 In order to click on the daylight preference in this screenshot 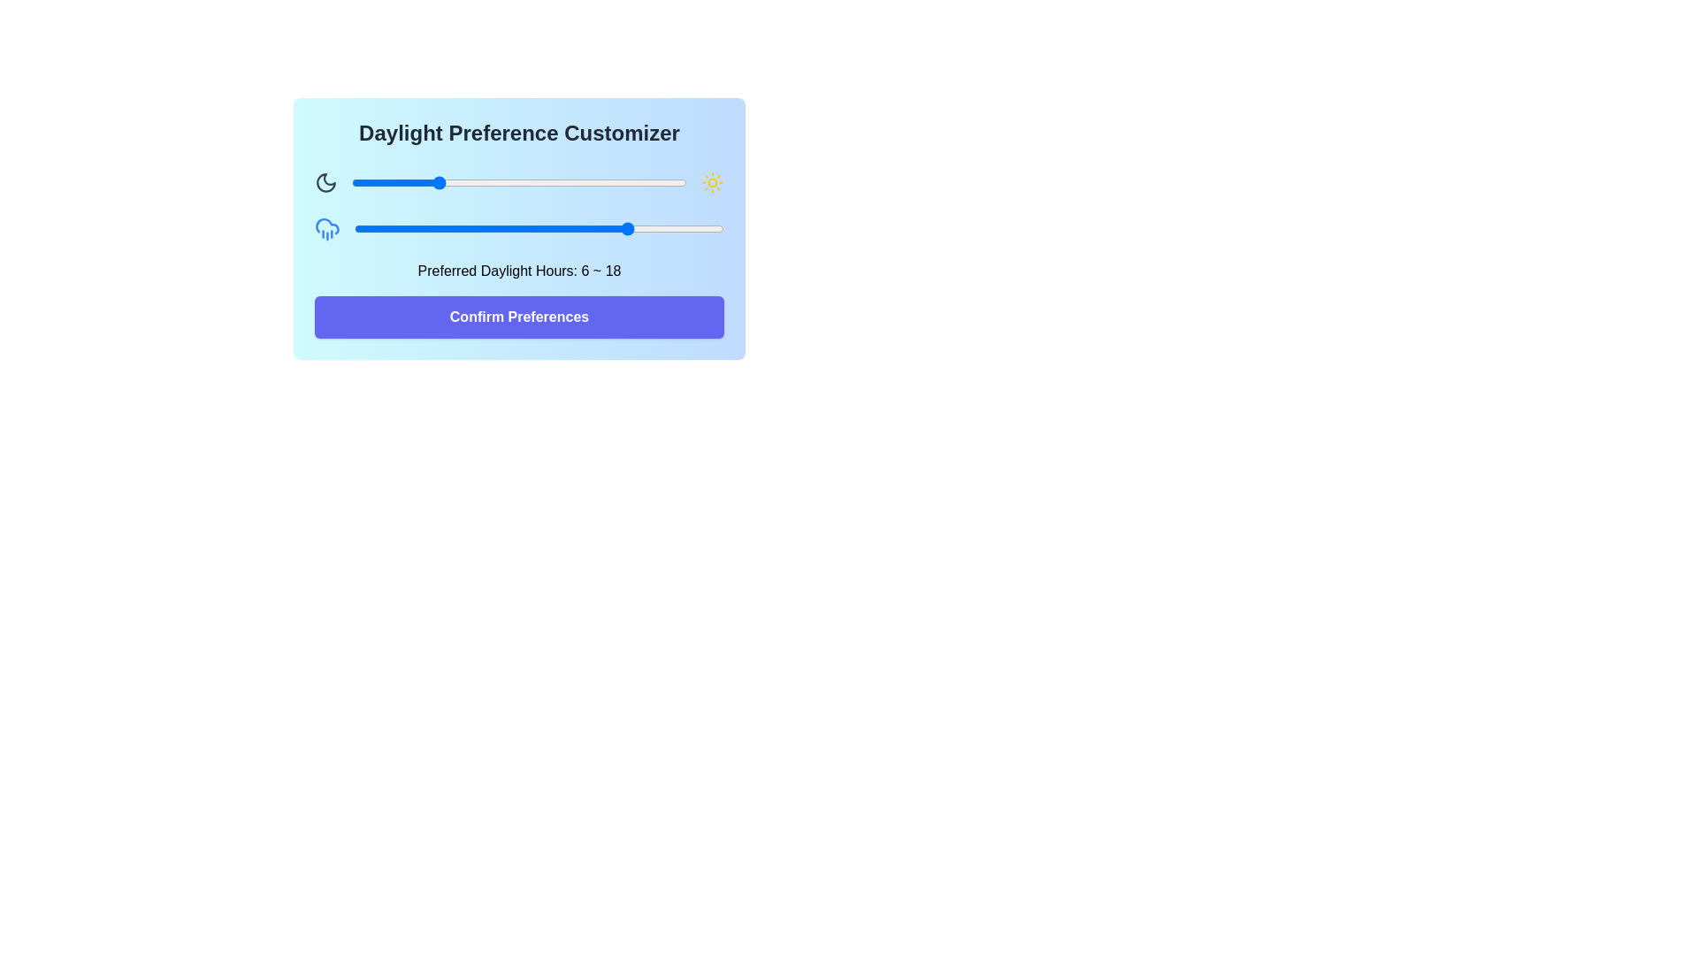, I will do `click(352, 183)`.